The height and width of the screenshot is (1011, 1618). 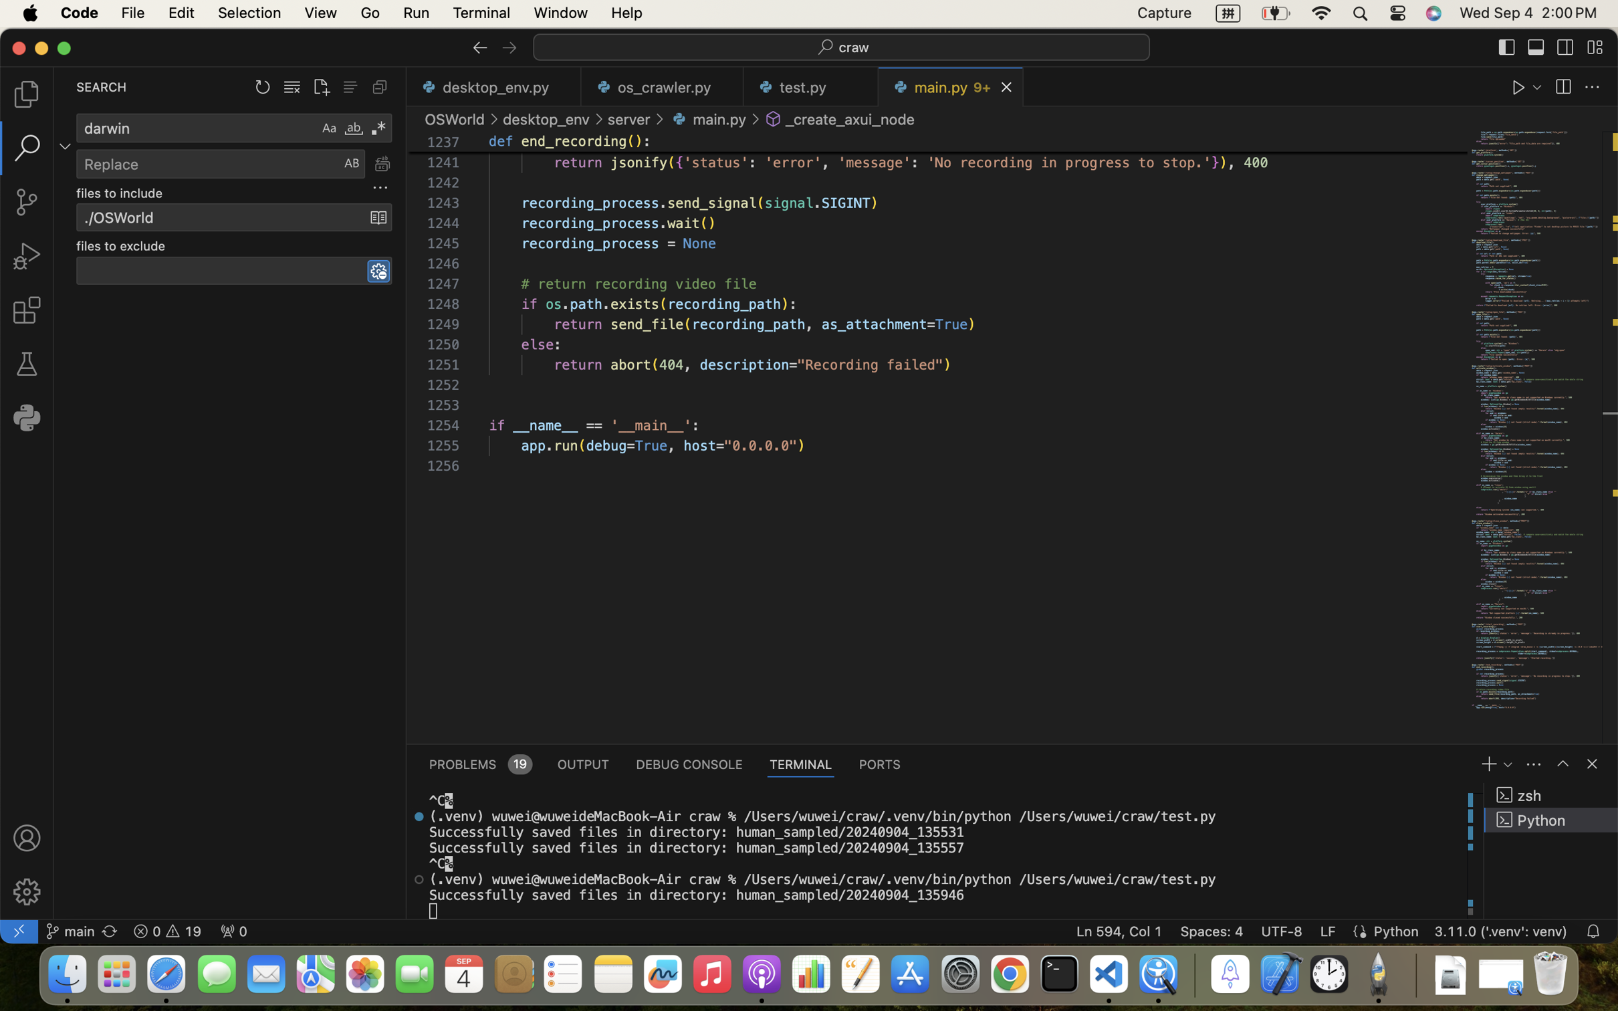 What do you see at coordinates (951, 86) in the screenshot?
I see `'1 main.py   9+'` at bounding box center [951, 86].